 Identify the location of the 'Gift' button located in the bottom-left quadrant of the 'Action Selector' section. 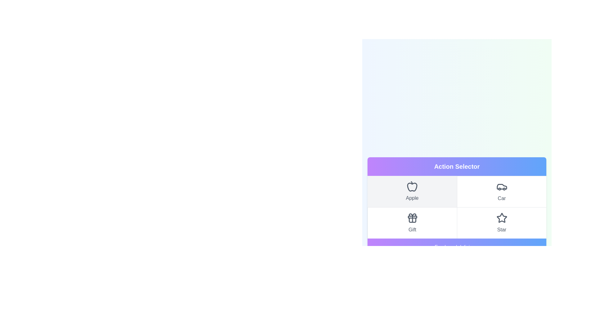
(412, 222).